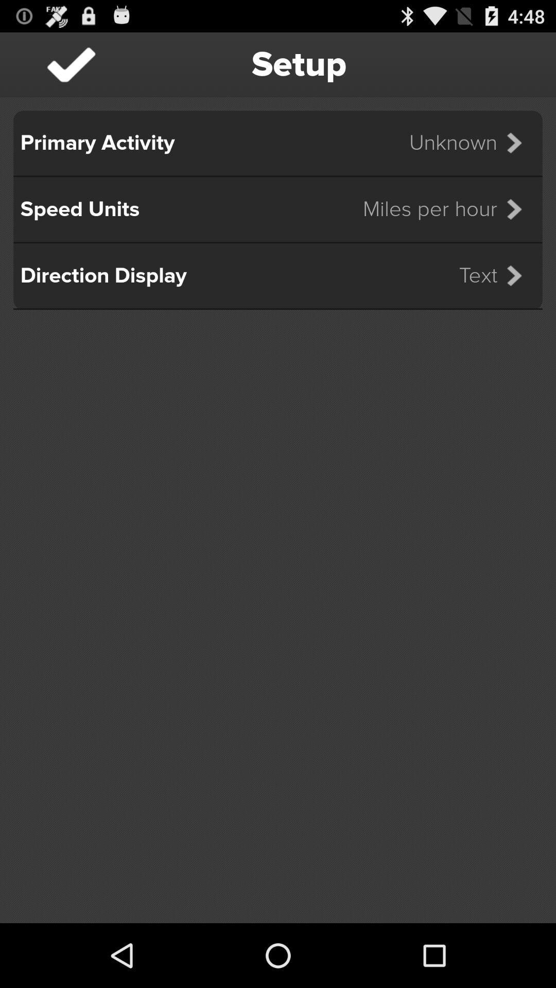 Image resolution: width=556 pixels, height=988 pixels. Describe the element at coordinates (472, 143) in the screenshot. I see `icon next to primary activity` at that location.